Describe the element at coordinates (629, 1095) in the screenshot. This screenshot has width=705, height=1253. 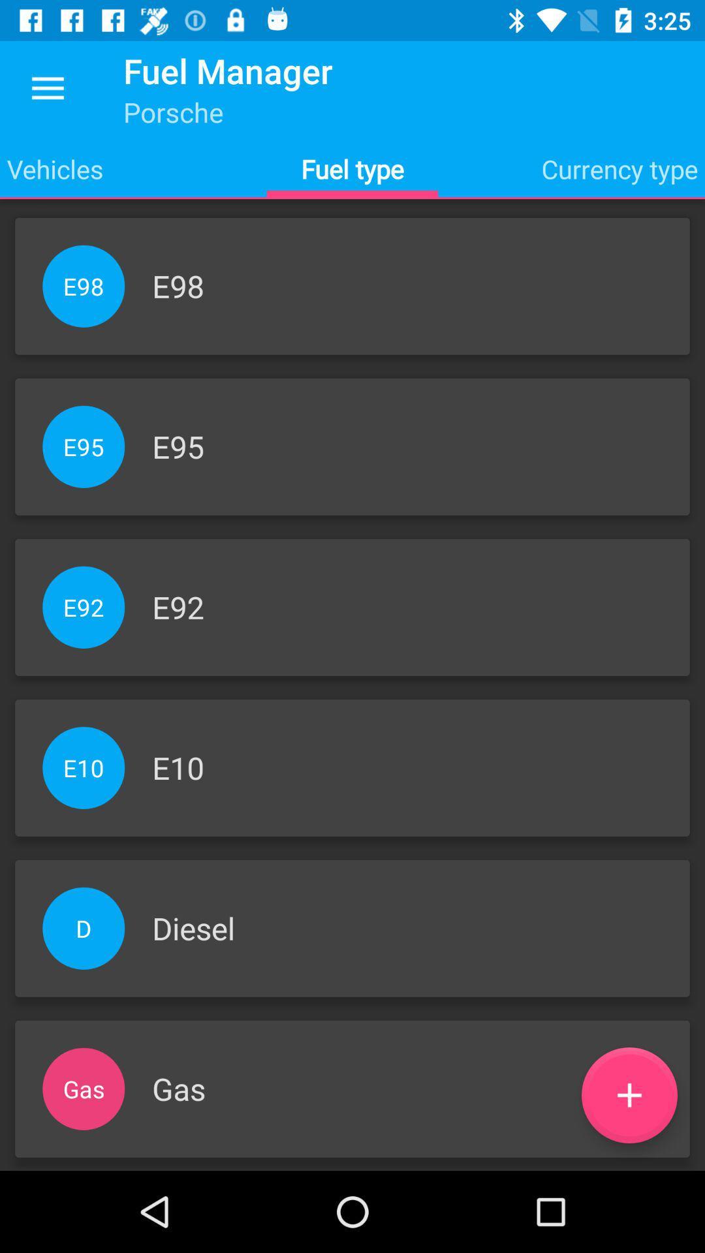
I see `to favorites` at that location.